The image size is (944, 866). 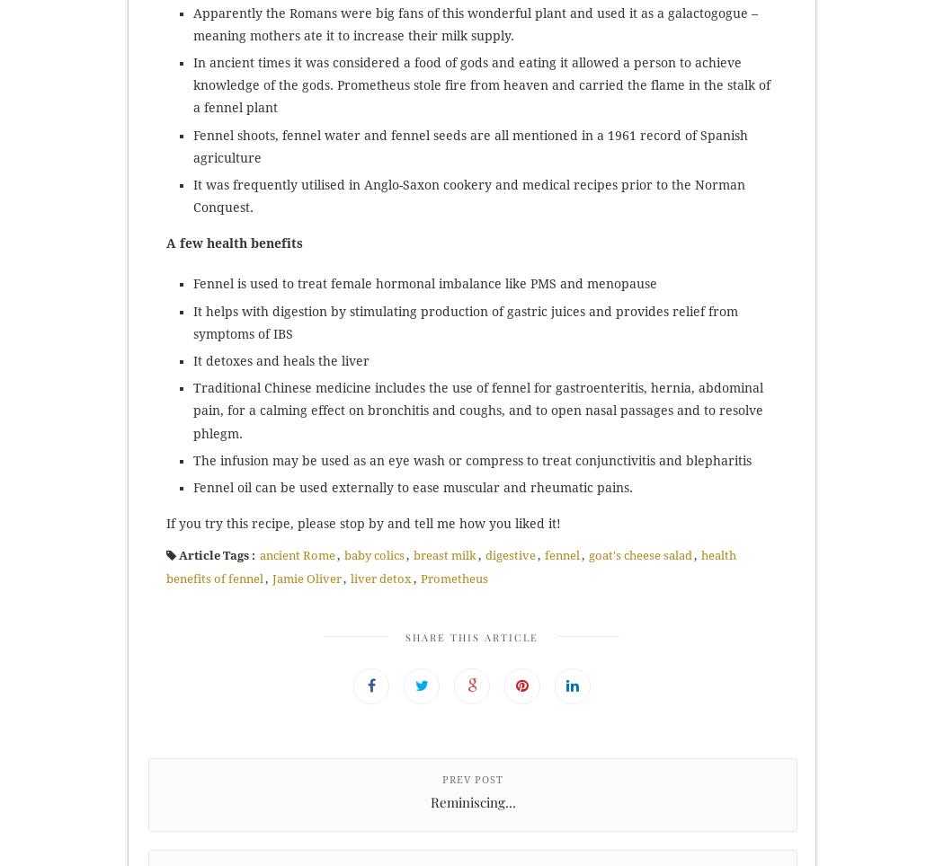 What do you see at coordinates (453, 577) in the screenshot?
I see `'Prometheus'` at bounding box center [453, 577].